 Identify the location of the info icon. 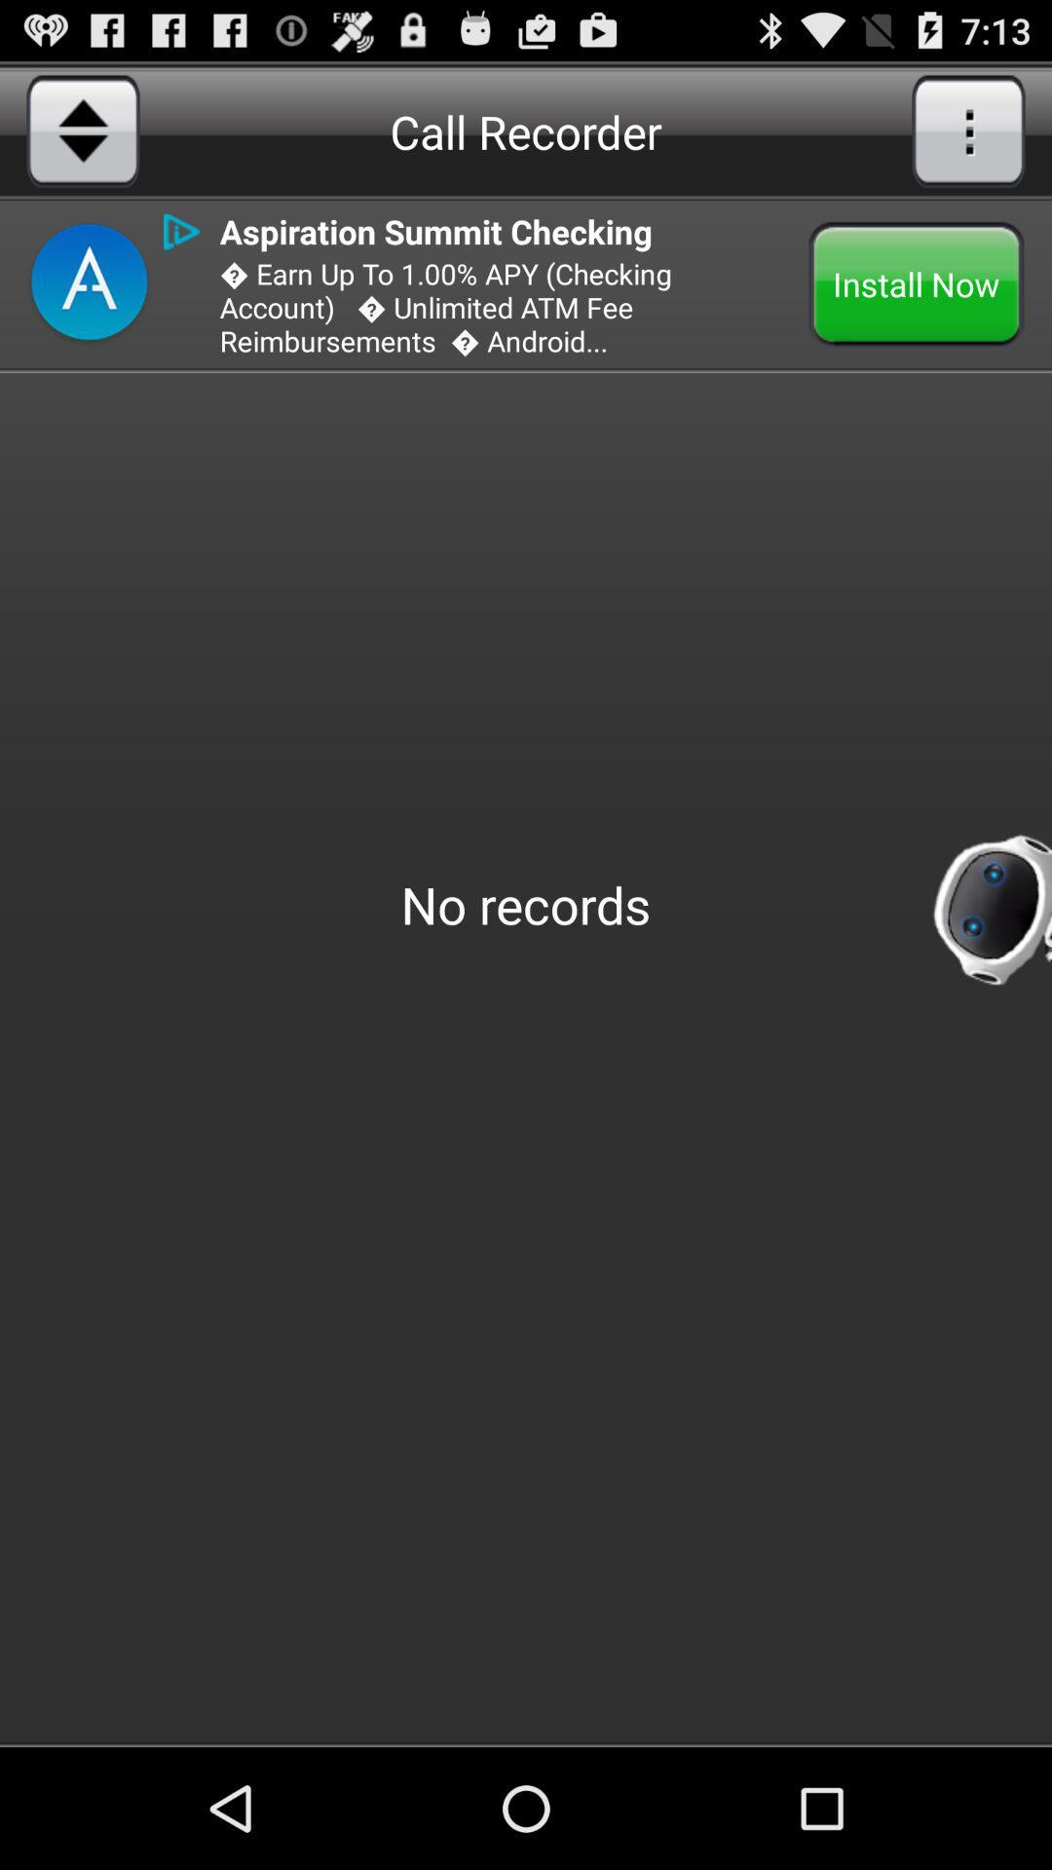
(181, 232).